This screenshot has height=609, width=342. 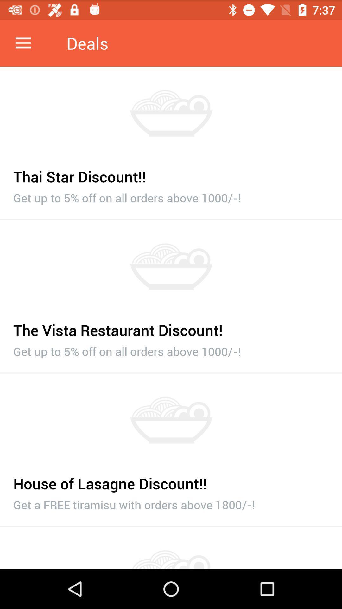 I want to click on thai star discount!!, so click(x=171, y=173).